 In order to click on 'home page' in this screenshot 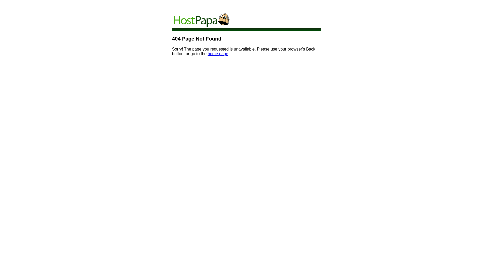, I will do `click(208, 54)`.